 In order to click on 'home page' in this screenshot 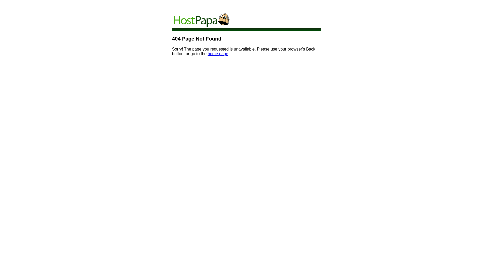, I will do `click(208, 54)`.